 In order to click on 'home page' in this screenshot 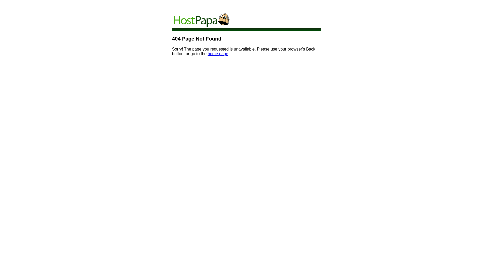, I will do `click(208, 54)`.